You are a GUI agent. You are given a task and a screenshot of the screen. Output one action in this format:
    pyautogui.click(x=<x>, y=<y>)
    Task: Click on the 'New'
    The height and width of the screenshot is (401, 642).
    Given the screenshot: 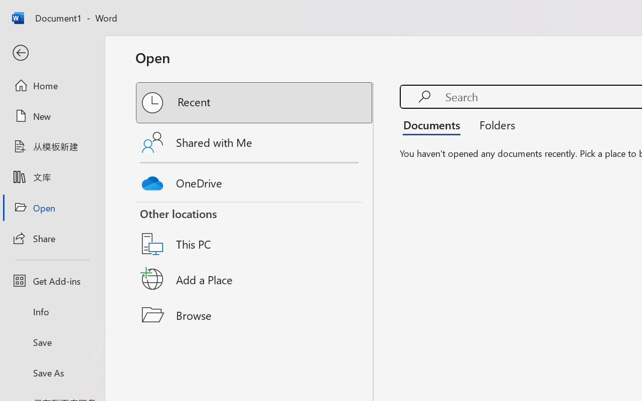 What is the action you would take?
    pyautogui.click(x=52, y=116)
    